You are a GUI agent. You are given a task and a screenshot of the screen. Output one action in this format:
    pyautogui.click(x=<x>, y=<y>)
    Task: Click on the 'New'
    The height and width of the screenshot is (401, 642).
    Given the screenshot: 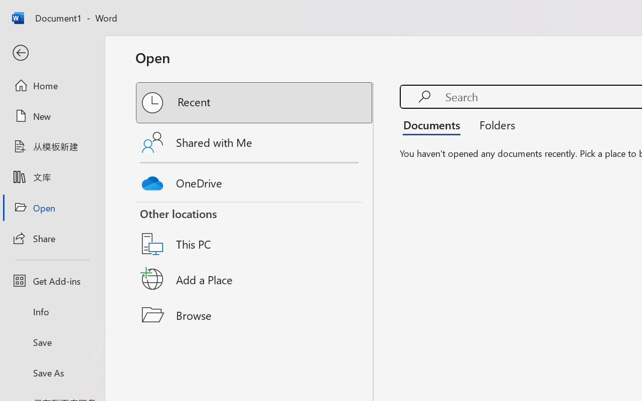 What is the action you would take?
    pyautogui.click(x=52, y=116)
    